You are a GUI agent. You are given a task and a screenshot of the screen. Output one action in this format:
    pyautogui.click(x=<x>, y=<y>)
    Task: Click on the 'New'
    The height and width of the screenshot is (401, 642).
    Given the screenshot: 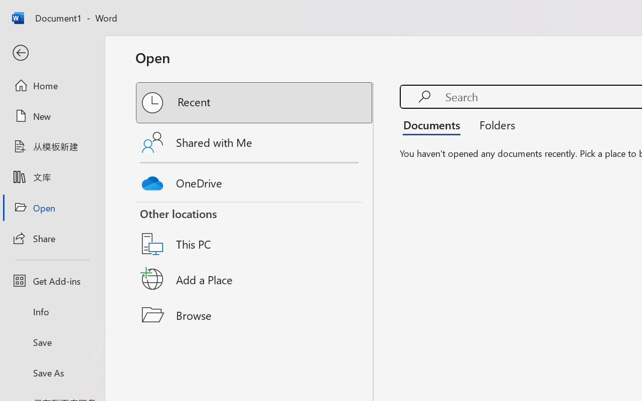 What is the action you would take?
    pyautogui.click(x=52, y=116)
    